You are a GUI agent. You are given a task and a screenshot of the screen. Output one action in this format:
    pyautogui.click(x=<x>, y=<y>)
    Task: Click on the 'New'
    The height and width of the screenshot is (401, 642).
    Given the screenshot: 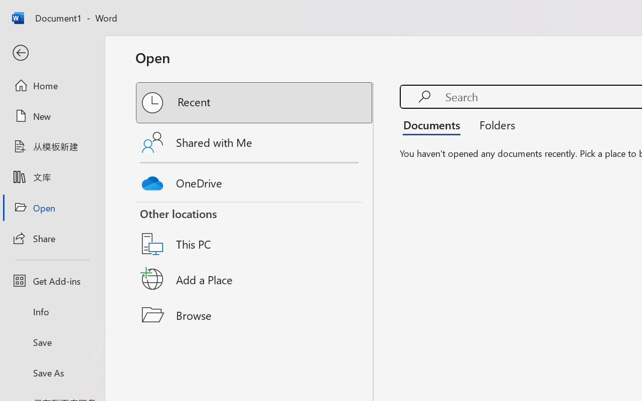 What is the action you would take?
    pyautogui.click(x=52, y=116)
    